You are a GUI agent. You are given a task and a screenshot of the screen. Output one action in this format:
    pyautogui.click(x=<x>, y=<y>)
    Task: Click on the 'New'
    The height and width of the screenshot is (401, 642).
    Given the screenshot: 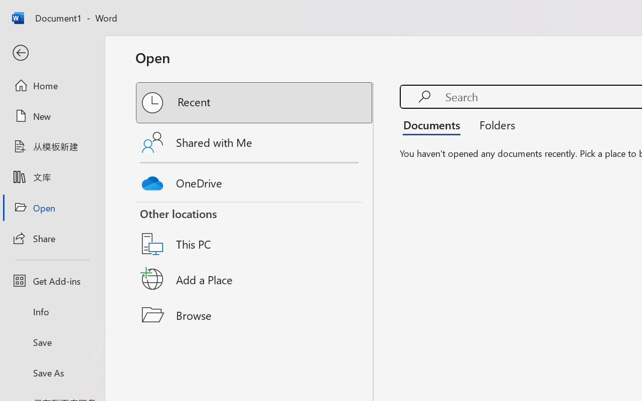 What is the action you would take?
    pyautogui.click(x=52, y=116)
    